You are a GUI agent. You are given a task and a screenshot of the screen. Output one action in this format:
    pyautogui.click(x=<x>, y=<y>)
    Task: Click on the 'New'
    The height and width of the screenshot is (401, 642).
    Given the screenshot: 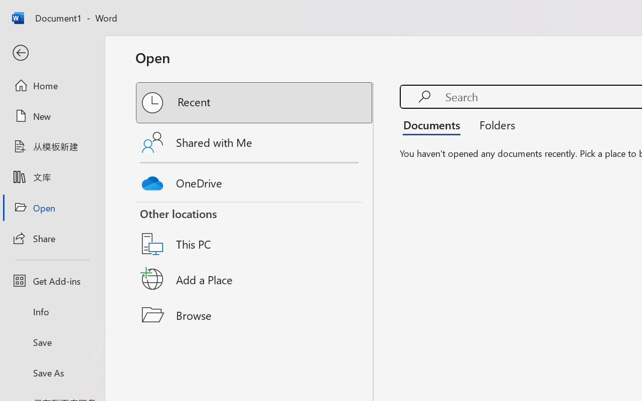 What is the action you would take?
    pyautogui.click(x=52, y=116)
    